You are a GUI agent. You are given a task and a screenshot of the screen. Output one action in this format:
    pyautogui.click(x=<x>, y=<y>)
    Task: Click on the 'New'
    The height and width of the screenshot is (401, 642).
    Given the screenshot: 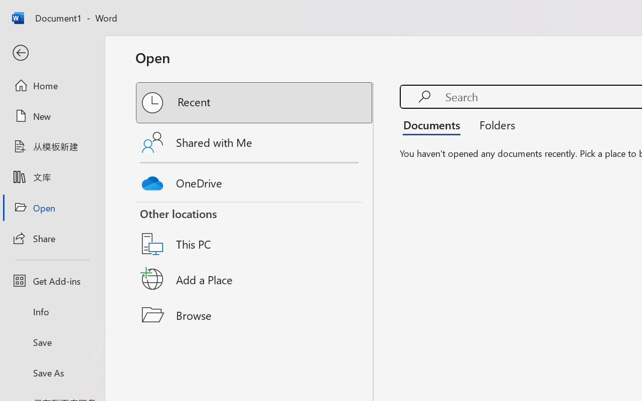 What is the action you would take?
    pyautogui.click(x=52, y=116)
    